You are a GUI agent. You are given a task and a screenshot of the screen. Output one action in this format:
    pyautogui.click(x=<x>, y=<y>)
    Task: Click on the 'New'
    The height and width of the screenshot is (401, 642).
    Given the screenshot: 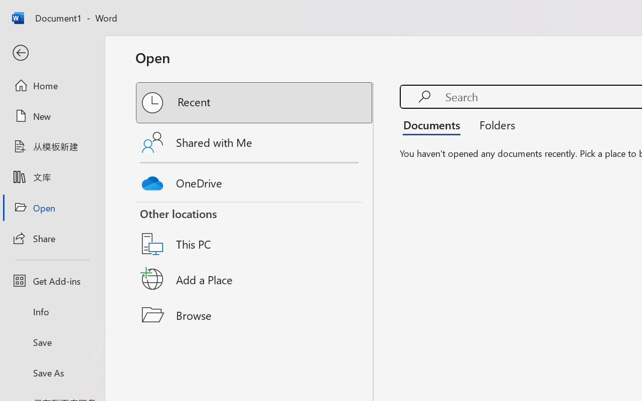 What is the action you would take?
    pyautogui.click(x=52, y=116)
    